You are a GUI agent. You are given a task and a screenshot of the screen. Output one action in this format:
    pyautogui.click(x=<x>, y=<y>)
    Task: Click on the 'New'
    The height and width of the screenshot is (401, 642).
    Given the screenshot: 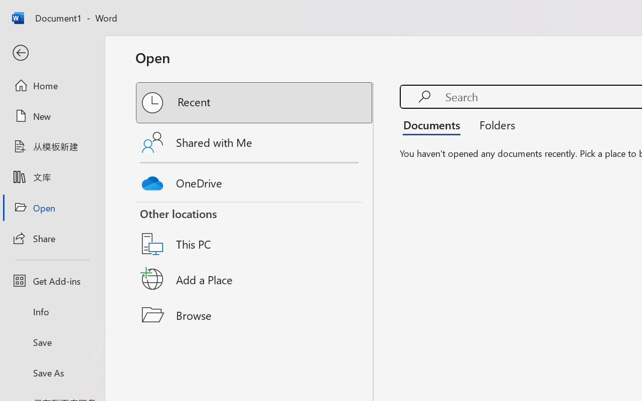 What is the action you would take?
    pyautogui.click(x=52, y=116)
    